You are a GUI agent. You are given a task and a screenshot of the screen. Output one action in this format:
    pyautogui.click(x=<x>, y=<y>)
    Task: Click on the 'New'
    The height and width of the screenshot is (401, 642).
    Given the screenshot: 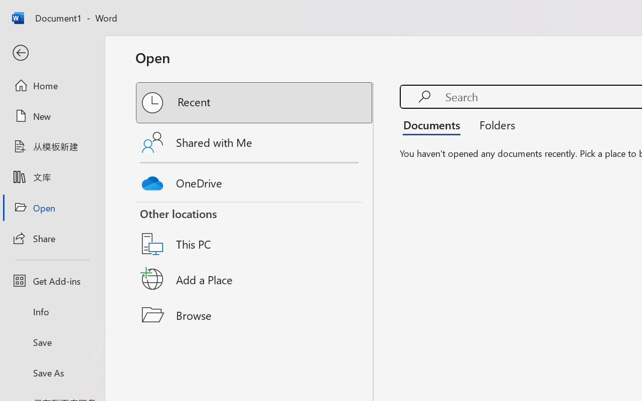 What is the action you would take?
    pyautogui.click(x=52, y=116)
    